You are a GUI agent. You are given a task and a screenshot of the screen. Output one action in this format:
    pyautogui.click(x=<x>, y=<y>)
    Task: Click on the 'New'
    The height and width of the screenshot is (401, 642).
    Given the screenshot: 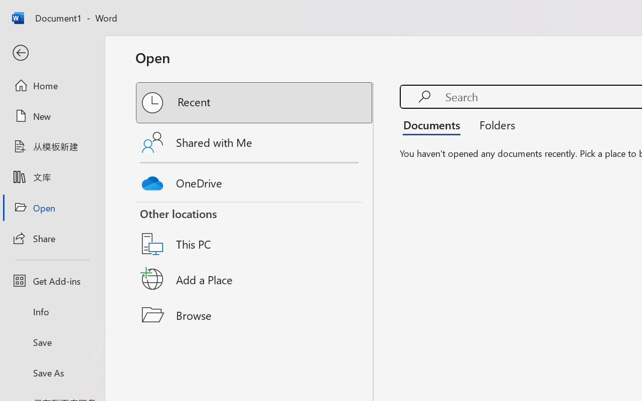 What is the action you would take?
    pyautogui.click(x=52, y=116)
    